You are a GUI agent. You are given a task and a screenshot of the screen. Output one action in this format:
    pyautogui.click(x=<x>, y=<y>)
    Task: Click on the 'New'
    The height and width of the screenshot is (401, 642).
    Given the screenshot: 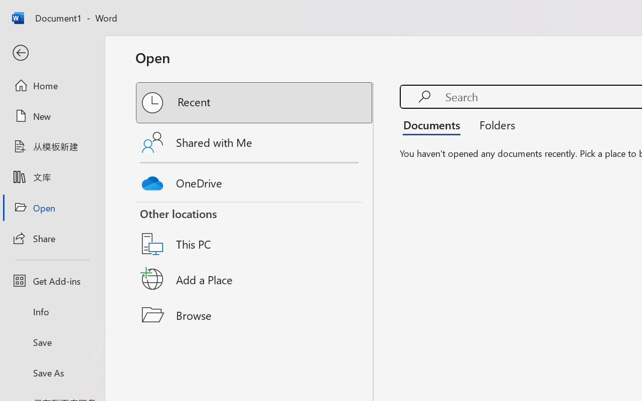 What is the action you would take?
    pyautogui.click(x=52, y=116)
    